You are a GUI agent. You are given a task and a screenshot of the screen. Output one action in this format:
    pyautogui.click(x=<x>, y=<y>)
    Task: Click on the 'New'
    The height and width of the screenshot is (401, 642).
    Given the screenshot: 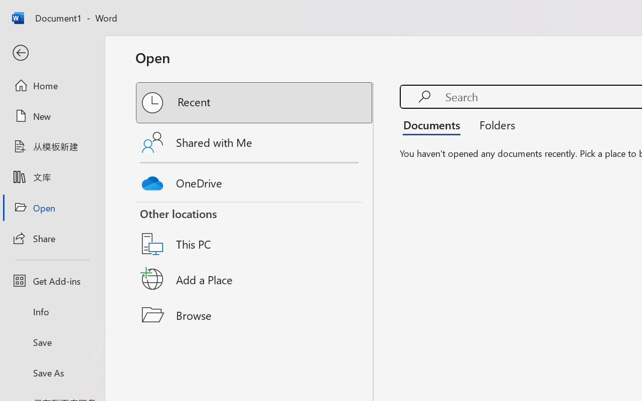 What is the action you would take?
    pyautogui.click(x=52, y=116)
    